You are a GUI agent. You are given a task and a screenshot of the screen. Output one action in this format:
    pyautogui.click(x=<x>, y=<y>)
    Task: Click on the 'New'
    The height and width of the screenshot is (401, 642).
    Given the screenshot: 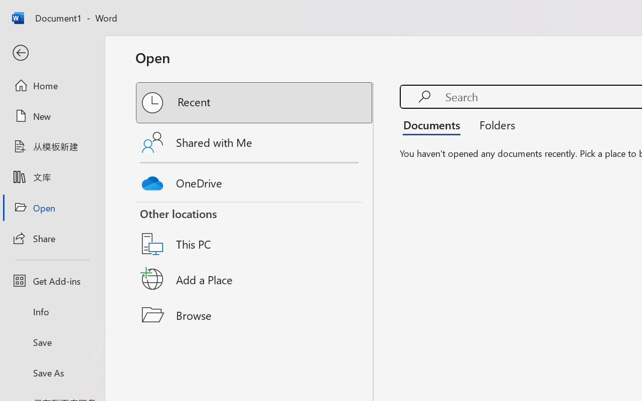 What is the action you would take?
    pyautogui.click(x=52, y=116)
    